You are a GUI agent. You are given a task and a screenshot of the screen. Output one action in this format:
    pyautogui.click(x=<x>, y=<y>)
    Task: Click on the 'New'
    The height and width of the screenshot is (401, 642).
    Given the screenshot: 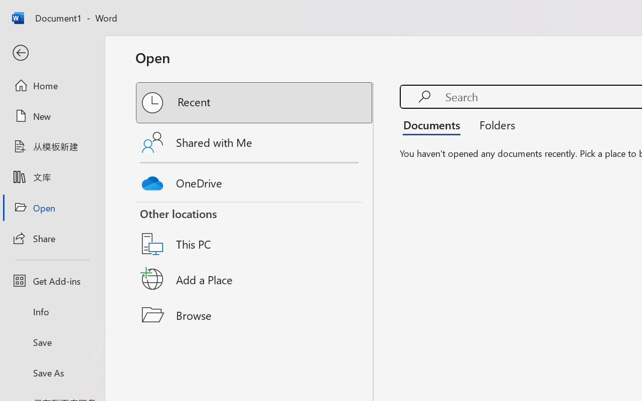 What is the action you would take?
    pyautogui.click(x=52, y=116)
    